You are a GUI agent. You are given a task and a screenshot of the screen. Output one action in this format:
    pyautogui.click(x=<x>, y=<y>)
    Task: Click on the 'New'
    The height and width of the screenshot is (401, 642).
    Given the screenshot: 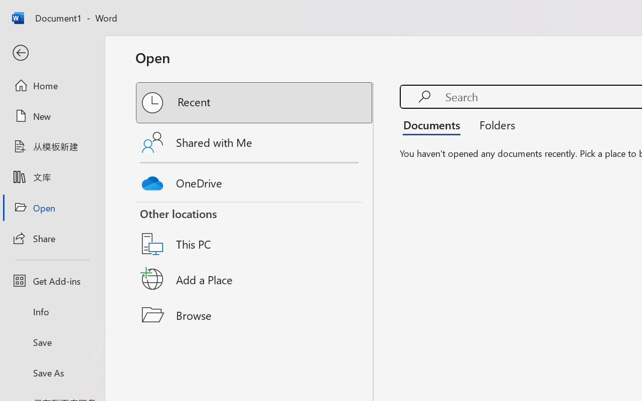 What is the action you would take?
    pyautogui.click(x=52, y=116)
    